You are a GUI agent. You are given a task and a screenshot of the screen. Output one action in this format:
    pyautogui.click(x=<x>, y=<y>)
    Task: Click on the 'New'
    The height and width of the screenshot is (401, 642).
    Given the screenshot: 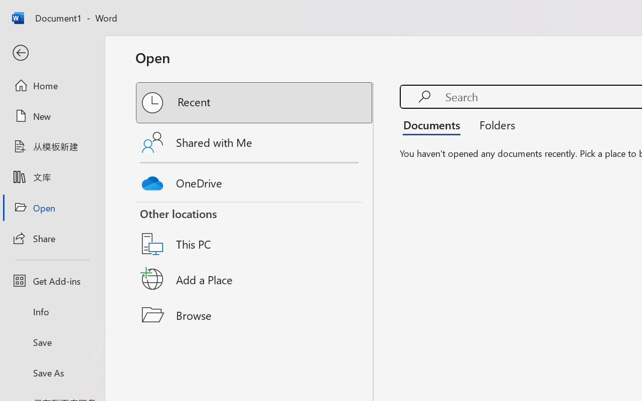 What is the action you would take?
    pyautogui.click(x=52, y=116)
    